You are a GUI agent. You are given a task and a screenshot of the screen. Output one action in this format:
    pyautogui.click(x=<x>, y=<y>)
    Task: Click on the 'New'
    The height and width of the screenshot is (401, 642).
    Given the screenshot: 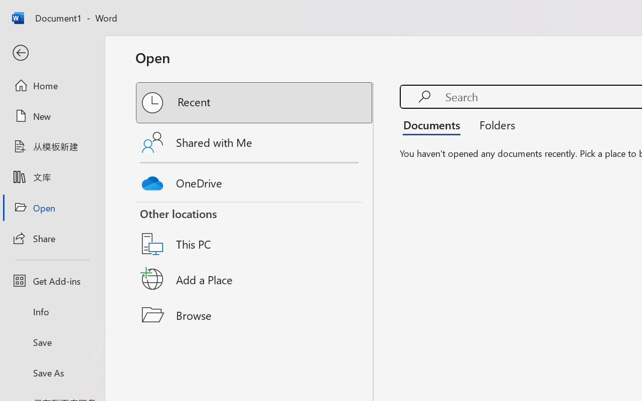 What is the action you would take?
    pyautogui.click(x=52, y=116)
    